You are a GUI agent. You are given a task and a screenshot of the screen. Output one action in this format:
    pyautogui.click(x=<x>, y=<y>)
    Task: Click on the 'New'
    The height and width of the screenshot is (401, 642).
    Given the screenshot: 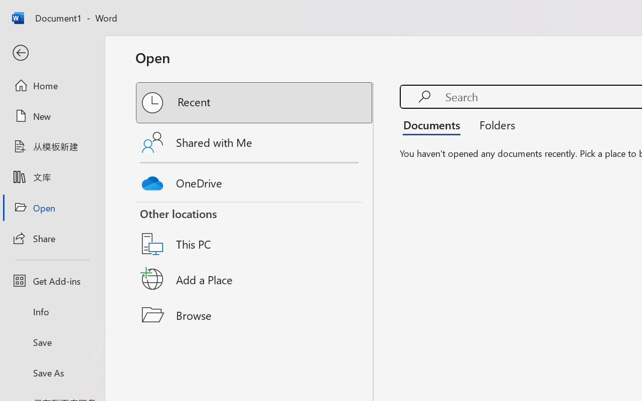 What is the action you would take?
    pyautogui.click(x=52, y=116)
    